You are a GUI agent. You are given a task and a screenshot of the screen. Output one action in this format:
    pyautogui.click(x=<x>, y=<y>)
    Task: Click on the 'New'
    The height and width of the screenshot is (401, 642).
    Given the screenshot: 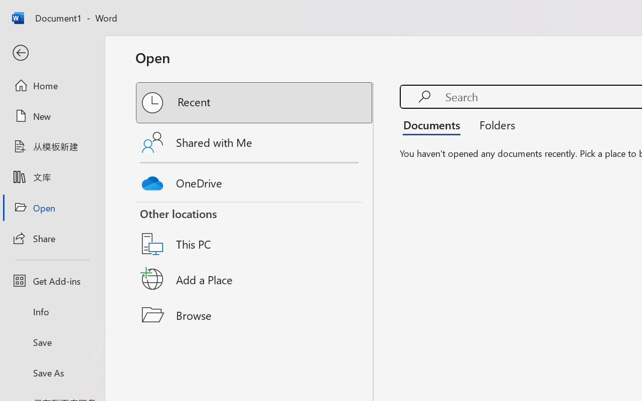 What is the action you would take?
    pyautogui.click(x=52, y=116)
    